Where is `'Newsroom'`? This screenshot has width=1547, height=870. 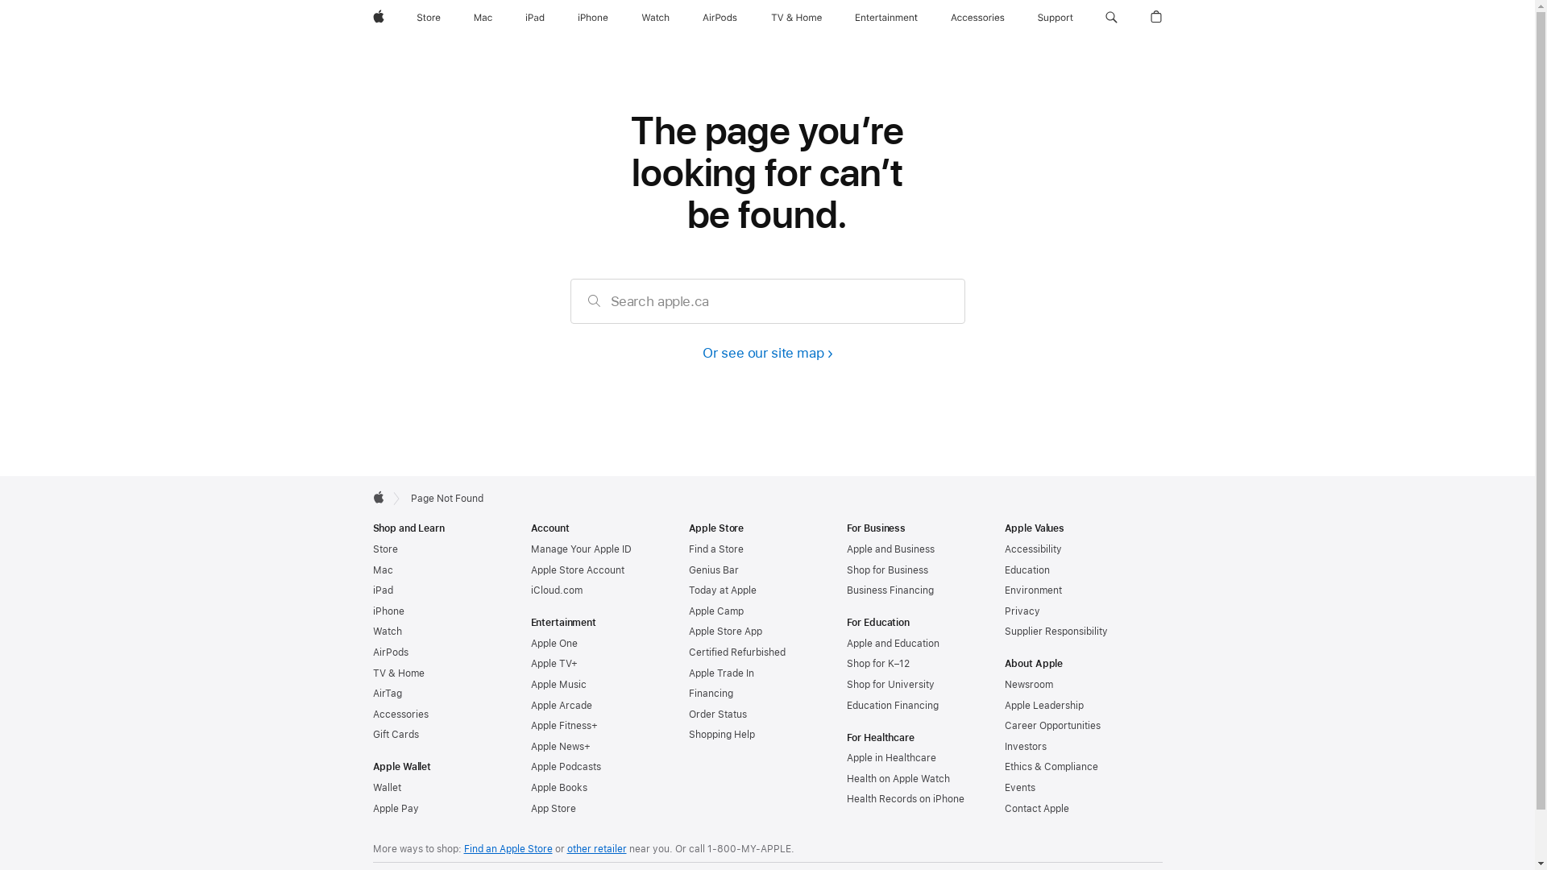 'Newsroom' is located at coordinates (1027, 684).